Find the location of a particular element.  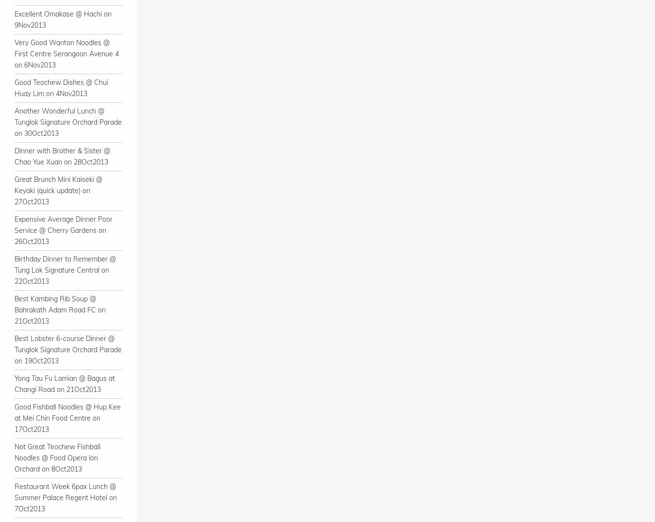

'Not Great Teochew Fishball Noodles @ Food Opera Ion Orchard on 8Oct2013' is located at coordinates (57, 457).